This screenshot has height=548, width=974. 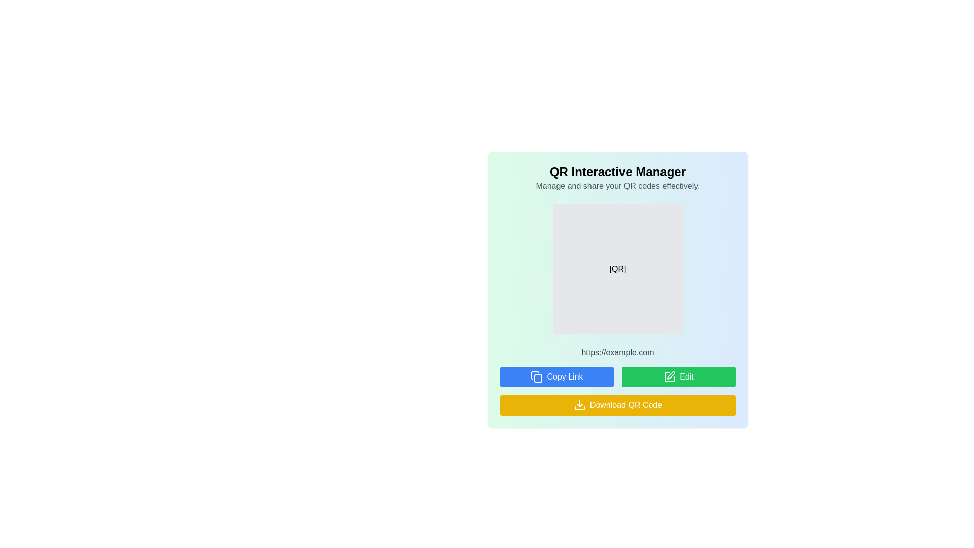 What do you see at coordinates (617, 186) in the screenshot?
I see `the text label displaying 'Manage and share your QR codes effectively.' which is centrally aligned and located beneath the title 'QR Interactive Manager'` at bounding box center [617, 186].